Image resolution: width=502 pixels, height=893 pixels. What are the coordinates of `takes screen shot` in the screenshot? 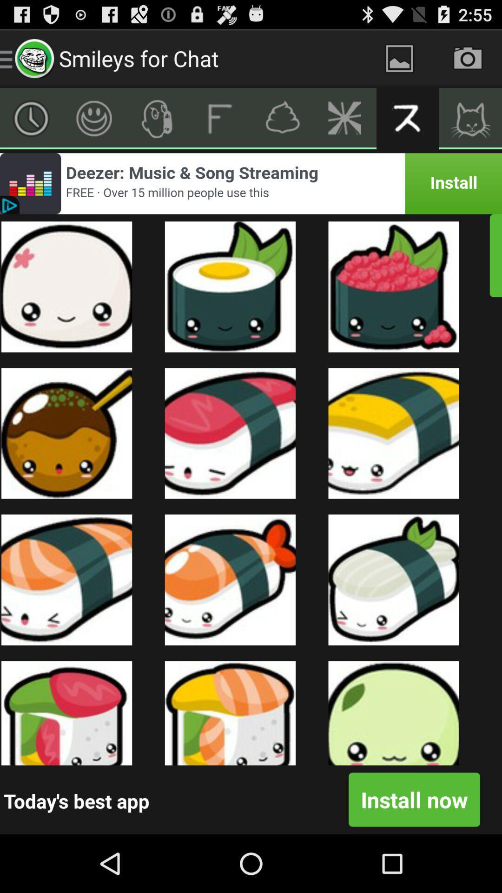 It's located at (468, 58).